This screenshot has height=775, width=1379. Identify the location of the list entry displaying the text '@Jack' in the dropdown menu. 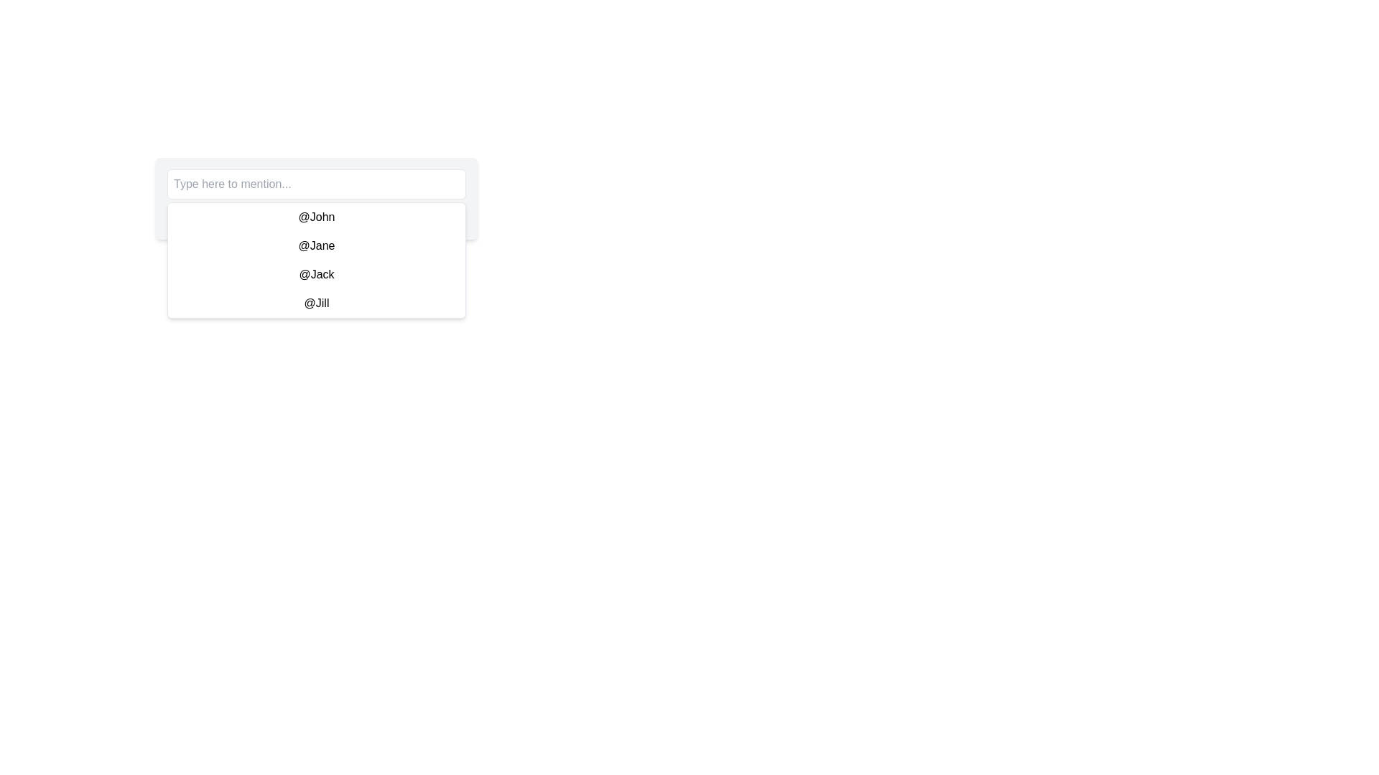
(316, 274).